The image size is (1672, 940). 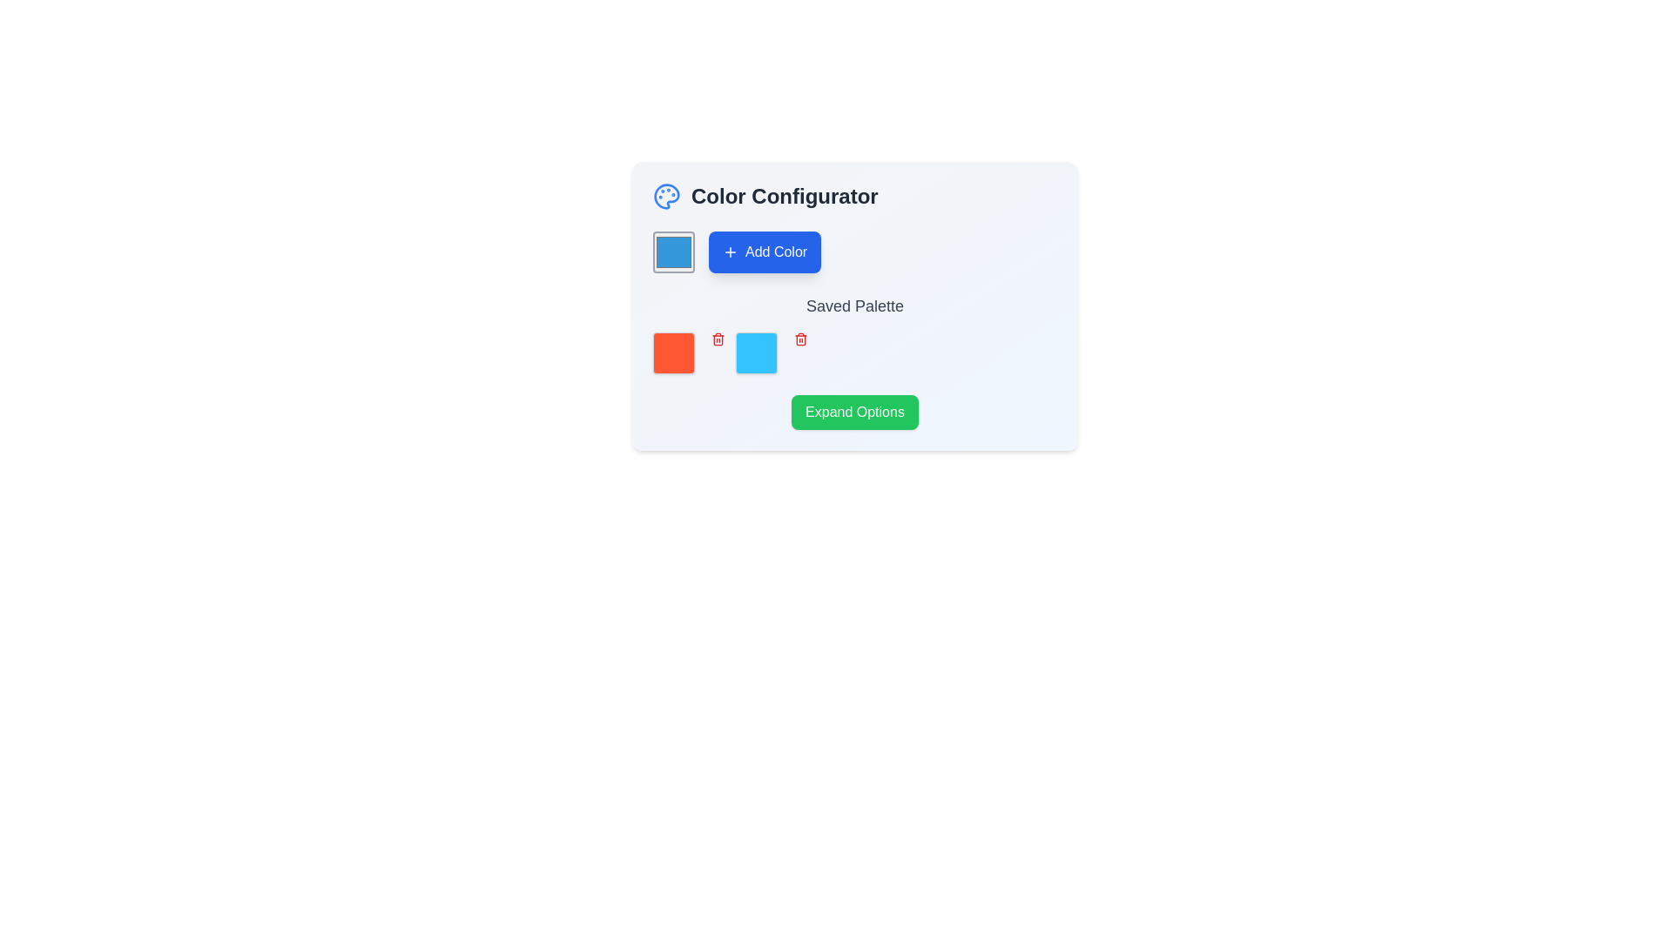 What do you see at coordinates (855, 413) in the screenshot?
I see `the green rectangular button with rounded corners labeled 'Expand Options' located at the bottom of the 'Color Configurator' panel` at bounding box center [855, 413].